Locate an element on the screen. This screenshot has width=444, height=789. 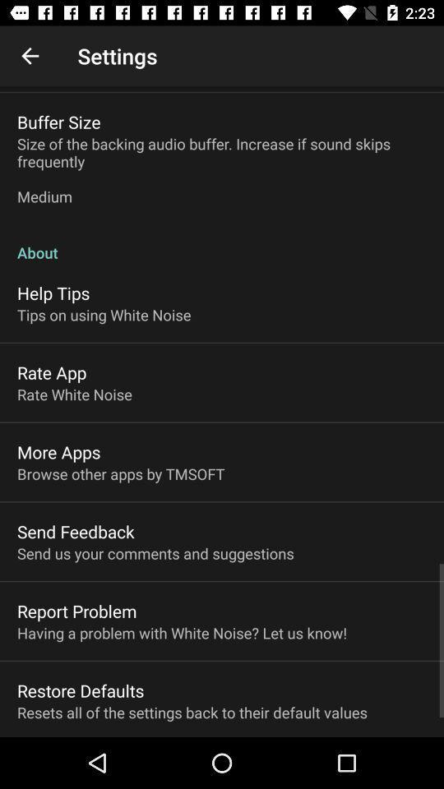
item above the buffer size item is located at coordinates (30, 56).